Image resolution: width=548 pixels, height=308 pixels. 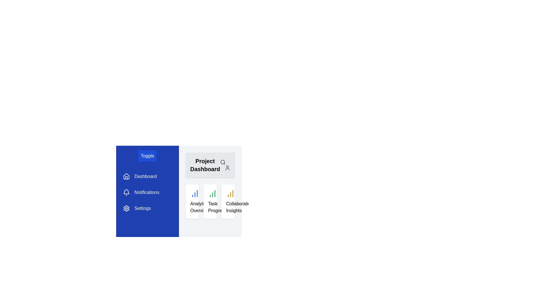 I want to click on the 'Settings' button, which has a settings icon resembling a cogwheel and is styled in white on a blue background, located in the left navigation panel as the third item beneath 'Dashboard' and 'Notifications', so click(x=137, y=208).